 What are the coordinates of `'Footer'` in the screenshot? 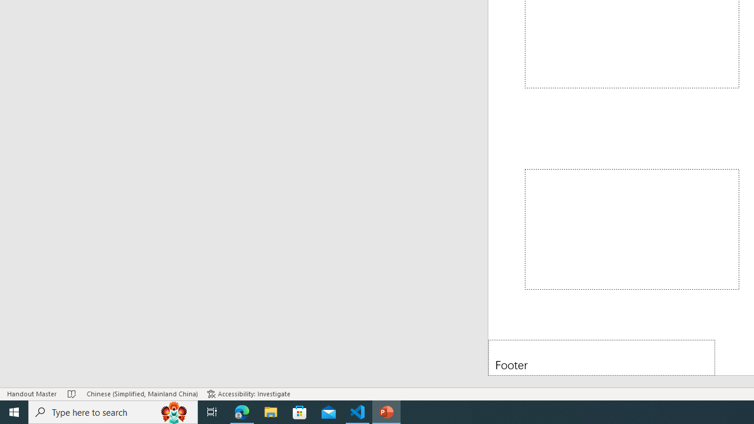 It's located at (601, 357).